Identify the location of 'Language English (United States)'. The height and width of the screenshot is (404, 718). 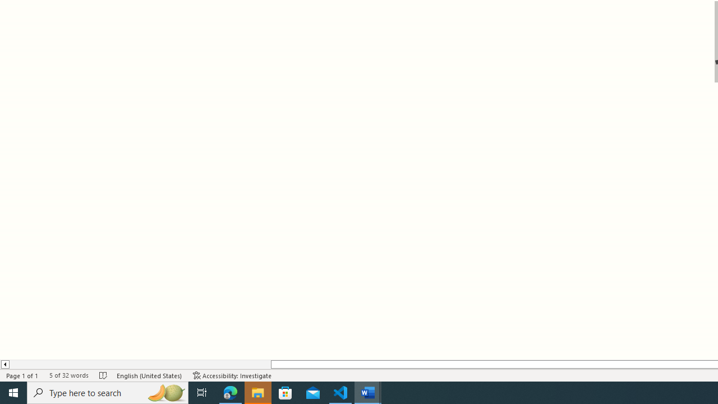
(149, 375).